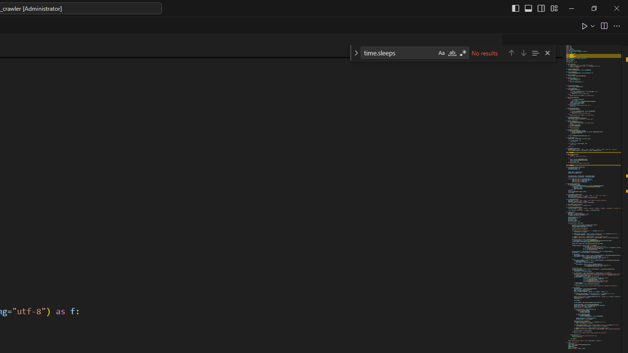  I want to click on 'Run Python File', so click(585, 25).